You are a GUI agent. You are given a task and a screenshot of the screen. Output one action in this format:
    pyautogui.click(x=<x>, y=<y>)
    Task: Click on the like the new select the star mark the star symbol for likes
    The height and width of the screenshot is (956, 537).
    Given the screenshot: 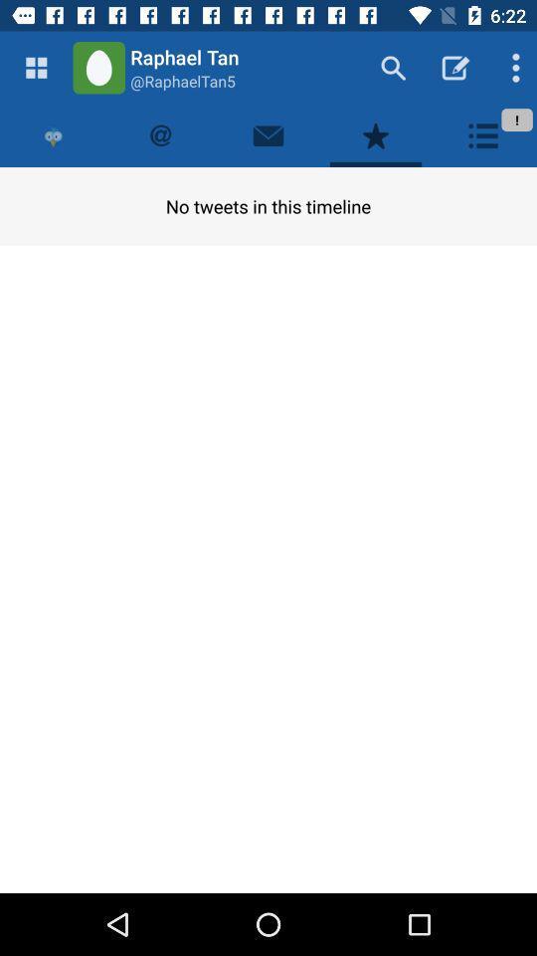 What is the action you would take?
    pyautogui.click(x=376, y=134)
    